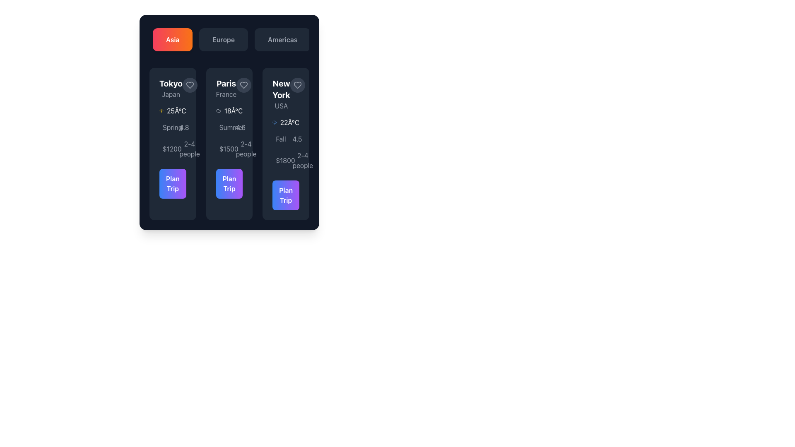 The width and height of the screenshot is (795, 447). Describe the element at coordinates (181, 148) in the screenshot. I see `the text label displaying '2-4 people' which is located under the price '$1200' in the 'Tokyo' card, above the 'Plan Trip' button` at that location.